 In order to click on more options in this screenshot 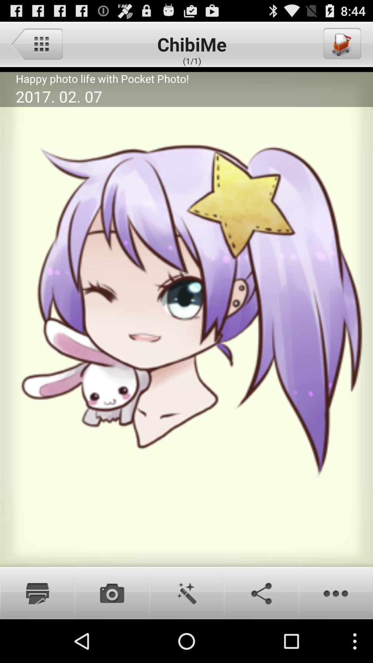, I will do `click(335, 593)`.